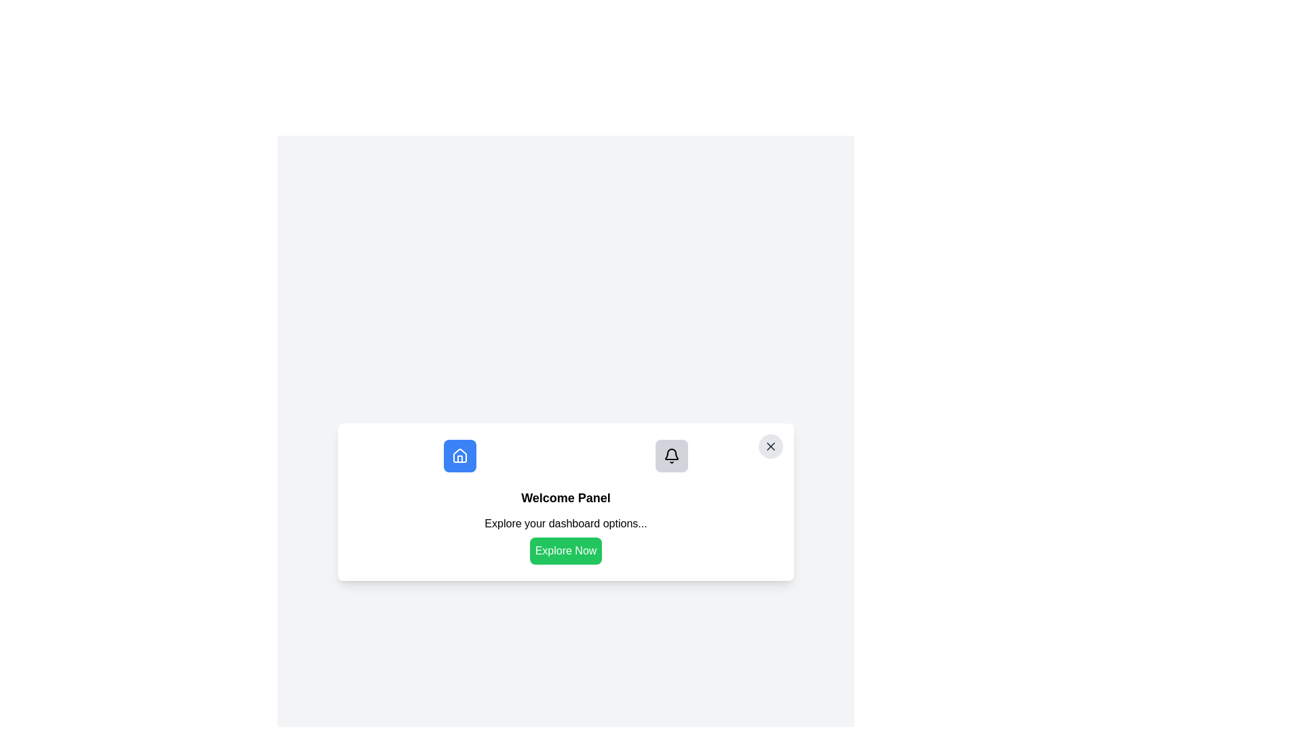 The width and height of the screenshot is (1303, 733). What do you see at coordinates (566, 497) in the screenshot?
I see `text of the bold black header that says 'Welcome Panel', which is positioned at the center of the panel area above the green button` at bounding box center [566, 497].